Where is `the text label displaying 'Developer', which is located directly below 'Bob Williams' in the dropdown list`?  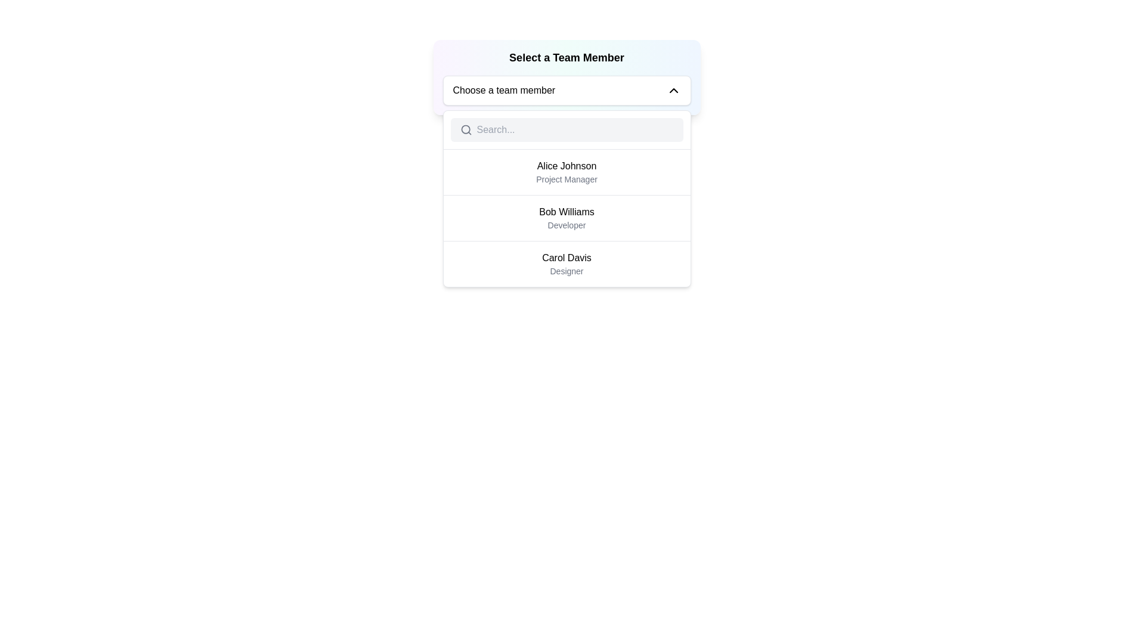 the text label displaying 'Developer', which is located directly below 'Bob Williams' in the dropdown list is located at coordinates (566, 225).